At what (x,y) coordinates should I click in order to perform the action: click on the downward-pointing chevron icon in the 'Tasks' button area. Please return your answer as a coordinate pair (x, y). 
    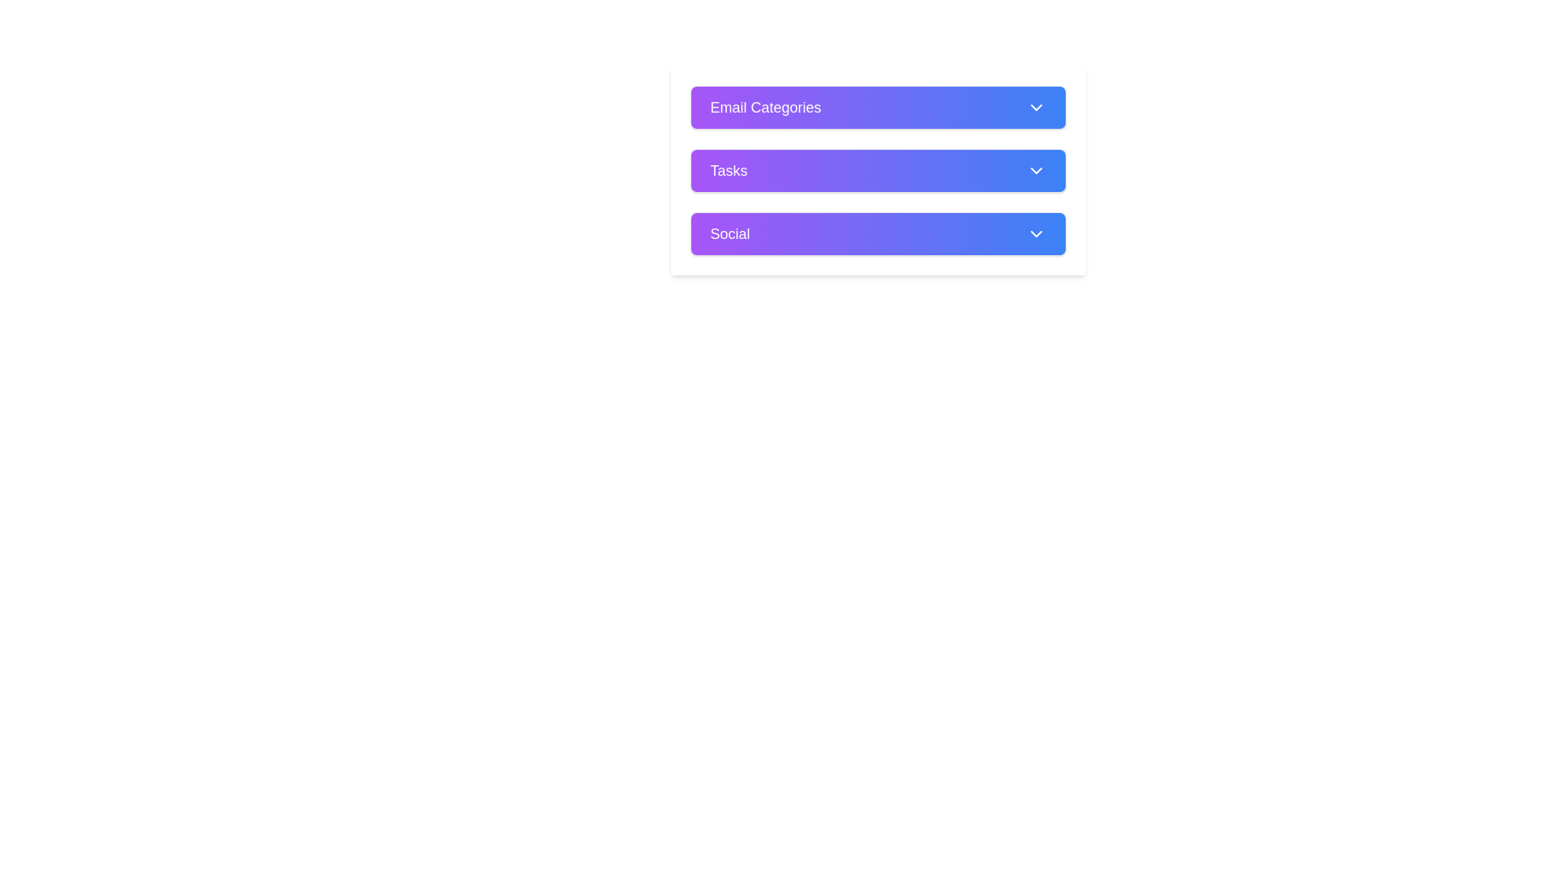
    Looking at the image, I should click on (1035, 171).